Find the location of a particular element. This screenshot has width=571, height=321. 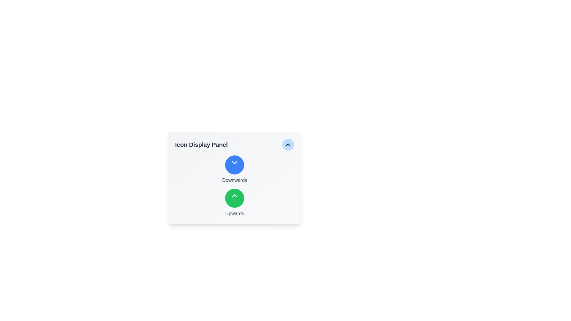

the descriptive text label located directly below the green circular icon with an upwards arrow is located at coordinates (234, 213).